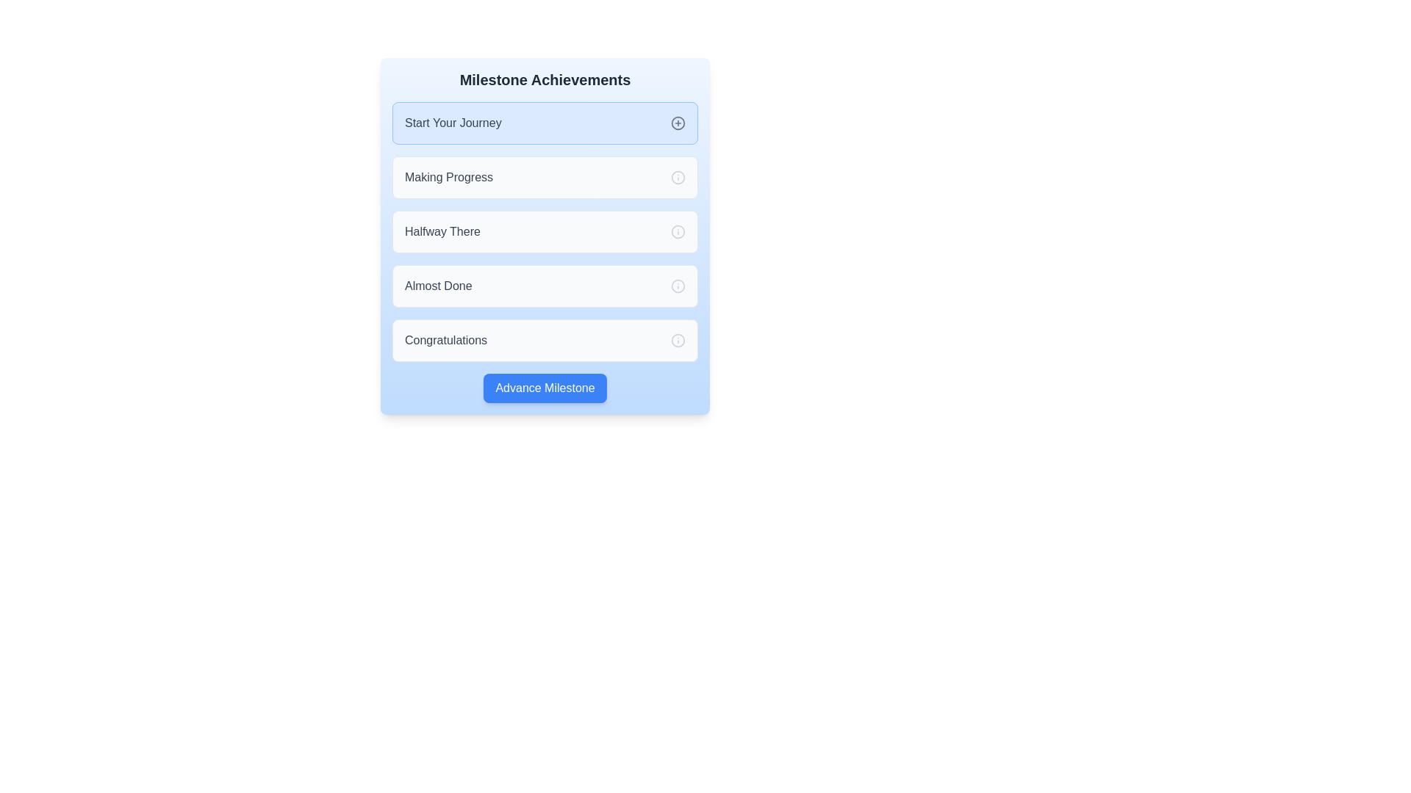 This screenshot has width=1411, height=793. I want to click on the milestone card titled 'Halfway There', which is the third item in a vertically stacked list of progress markers, so click(545, 231).